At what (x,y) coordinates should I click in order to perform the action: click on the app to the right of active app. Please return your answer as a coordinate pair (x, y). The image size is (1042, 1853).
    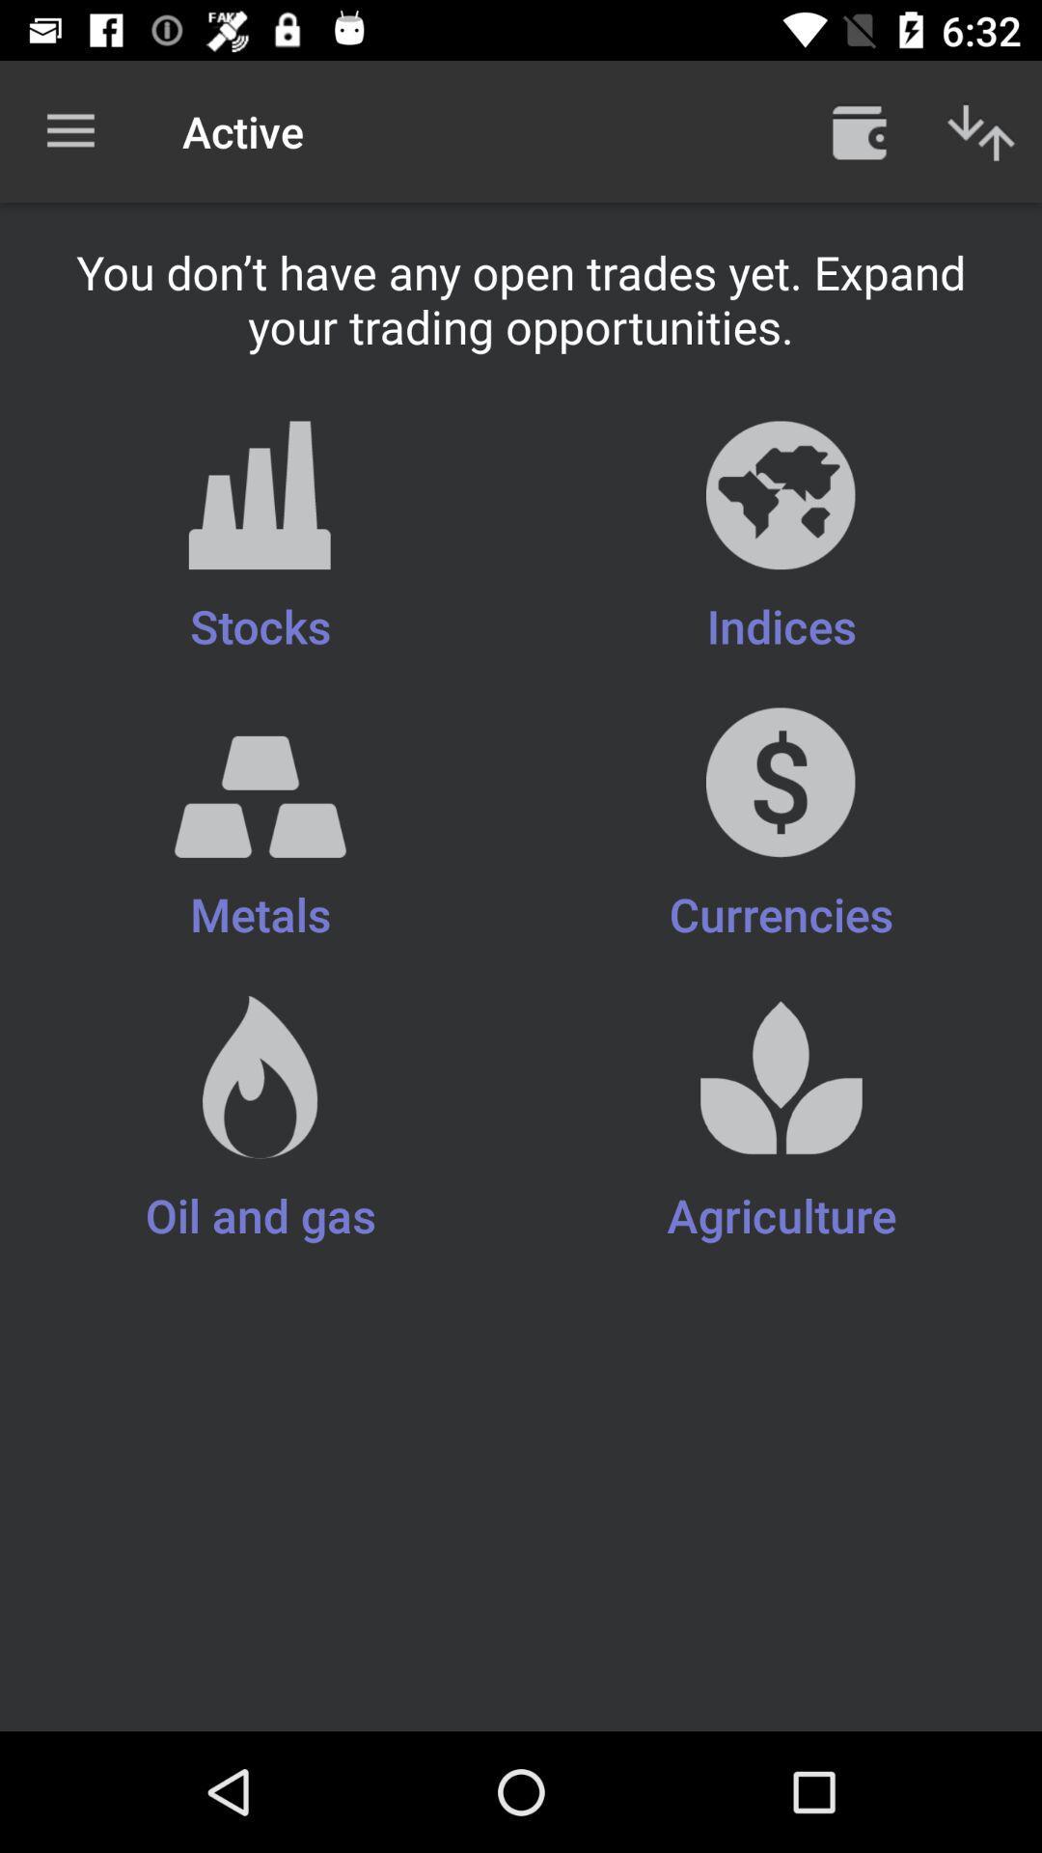
    Looking at the image, I should click on (859, 130).